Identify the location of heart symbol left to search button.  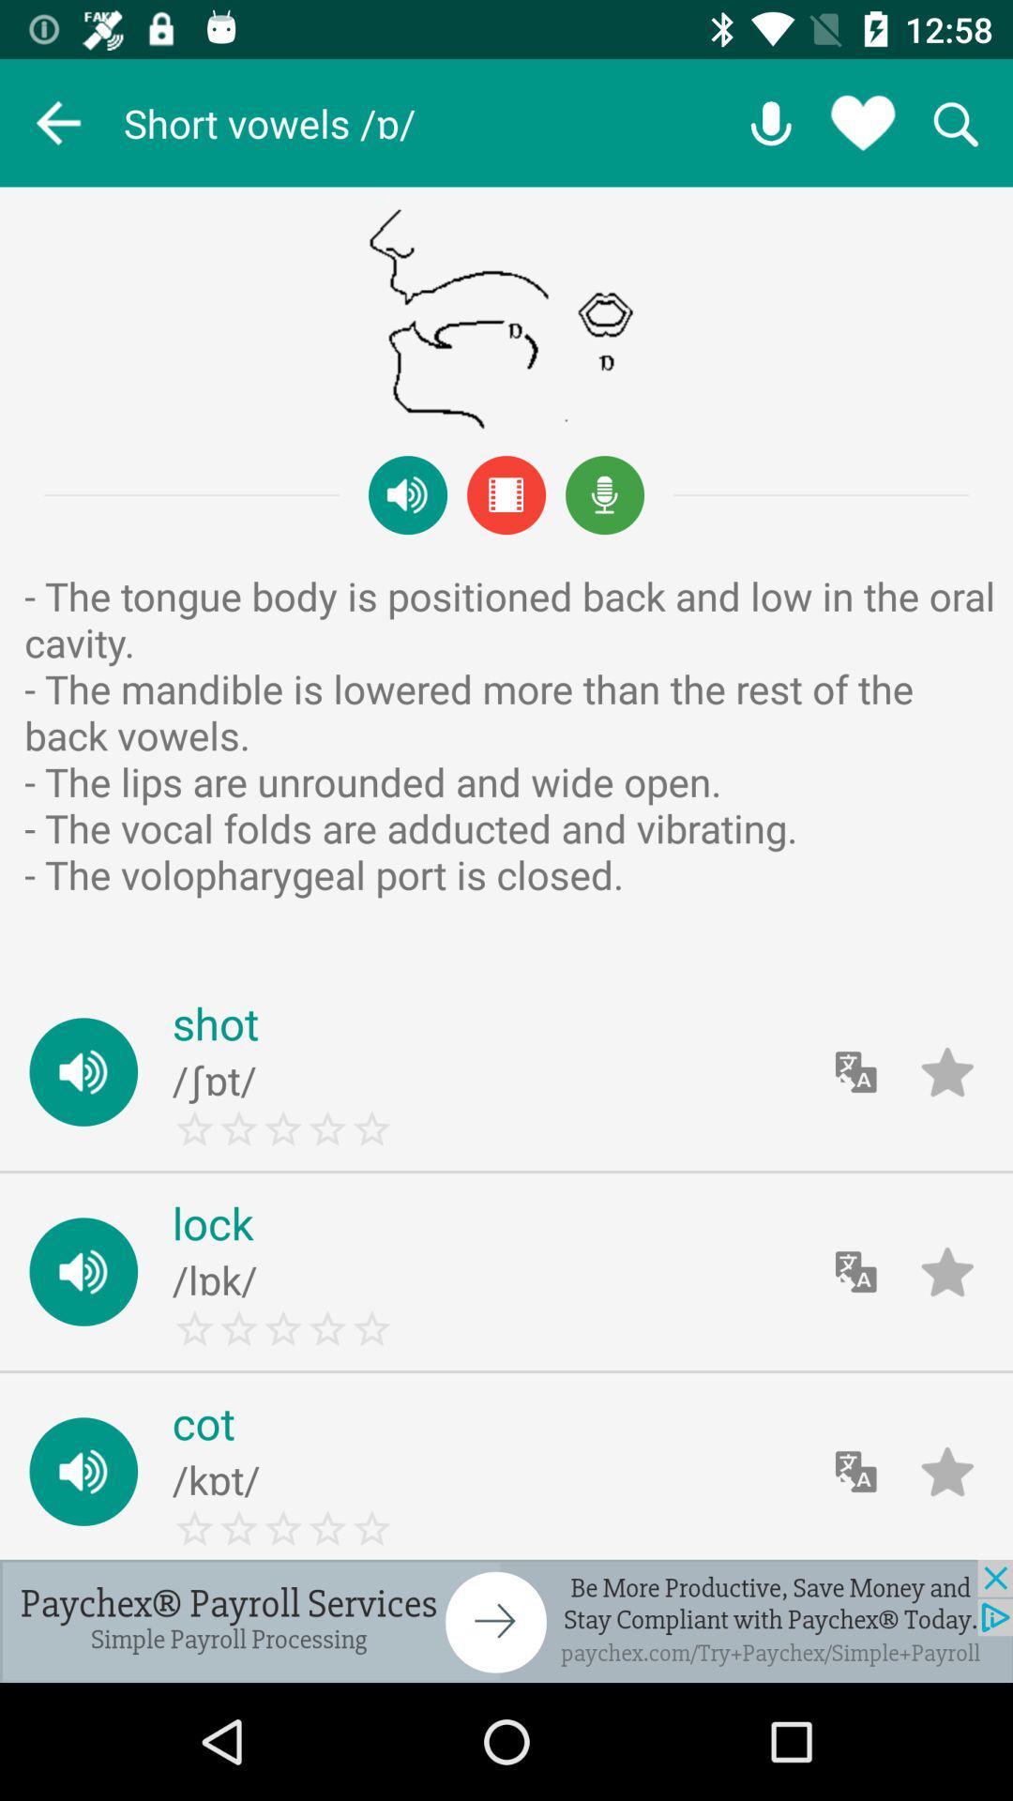
(863, 122).